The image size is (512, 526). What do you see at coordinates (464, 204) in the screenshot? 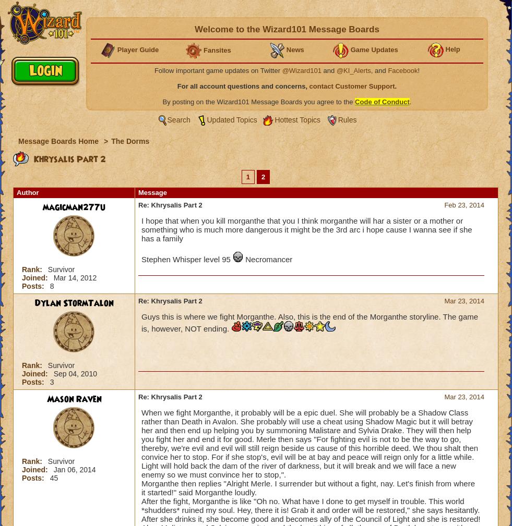
I see `'Feb 23, 2014'` at bounding box center [464, 204].